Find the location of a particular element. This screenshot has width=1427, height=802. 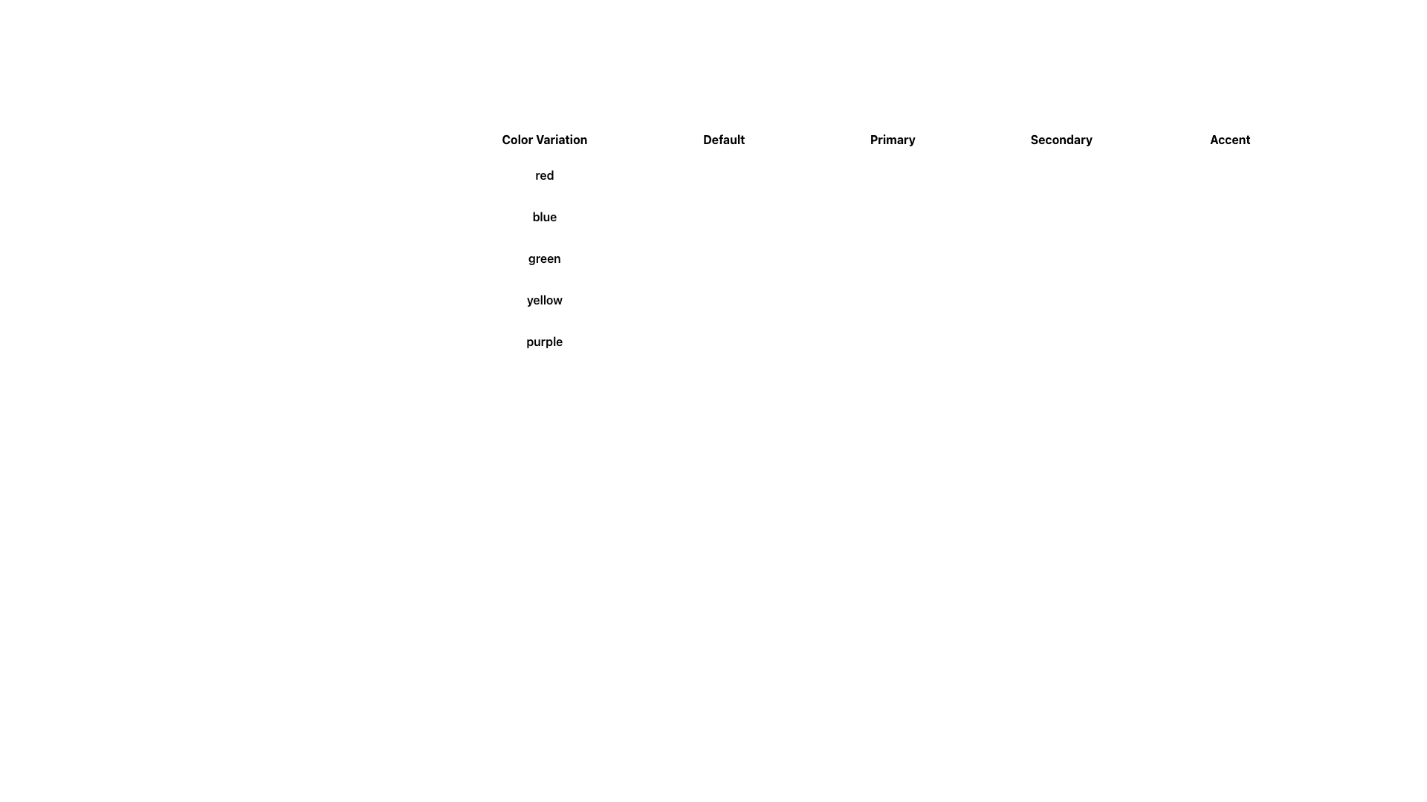

the static text label indicating the 'green' color, which is the third element in the vertical list under the 'Color Variation' column, positioned between 'blue' and 'yellow' is located at coordinates (543, 257).